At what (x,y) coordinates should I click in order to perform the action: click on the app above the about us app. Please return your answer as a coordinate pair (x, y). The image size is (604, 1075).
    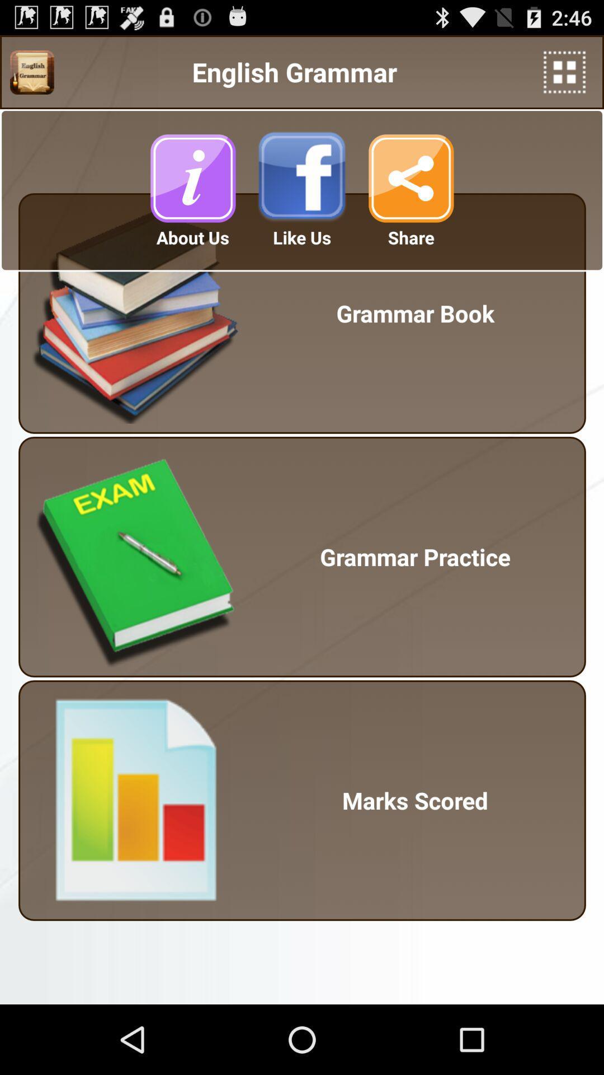
    Looking at the image, I should click on (192, 177).